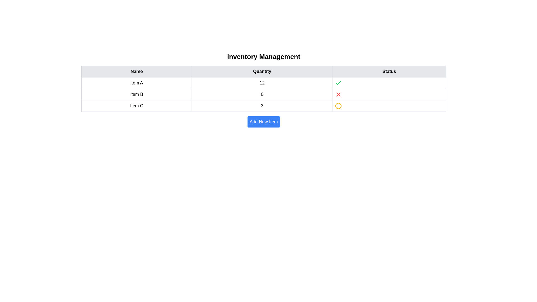  I want to click on the status icon in the second row of the table, so click(338, 94).